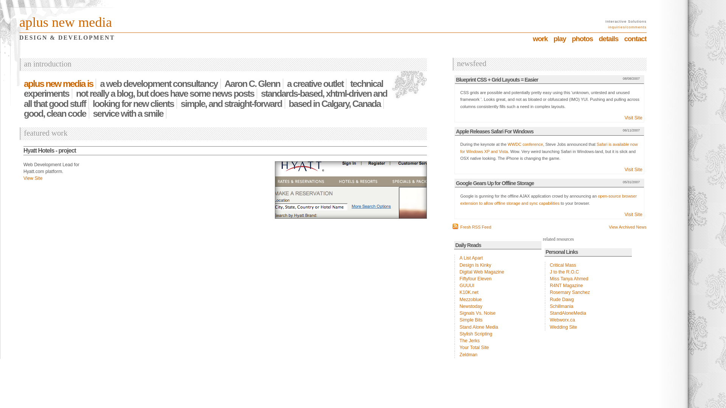 This screenshot has height=408, width=726. What do you see at coordinates (498, 265) in the screenshot?
I see `'Design Is Kinky'` at bounding box center [498, 265].